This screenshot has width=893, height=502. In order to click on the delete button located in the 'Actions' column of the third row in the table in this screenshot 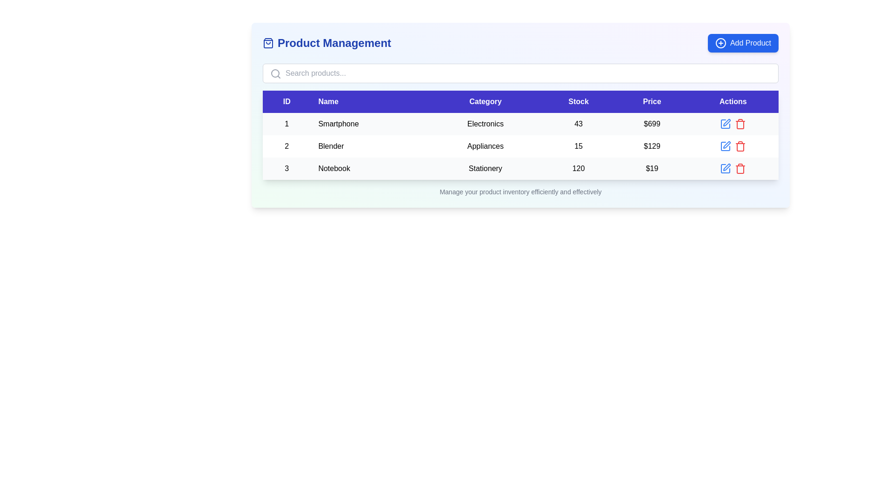, I will do `click(740, 168)`.